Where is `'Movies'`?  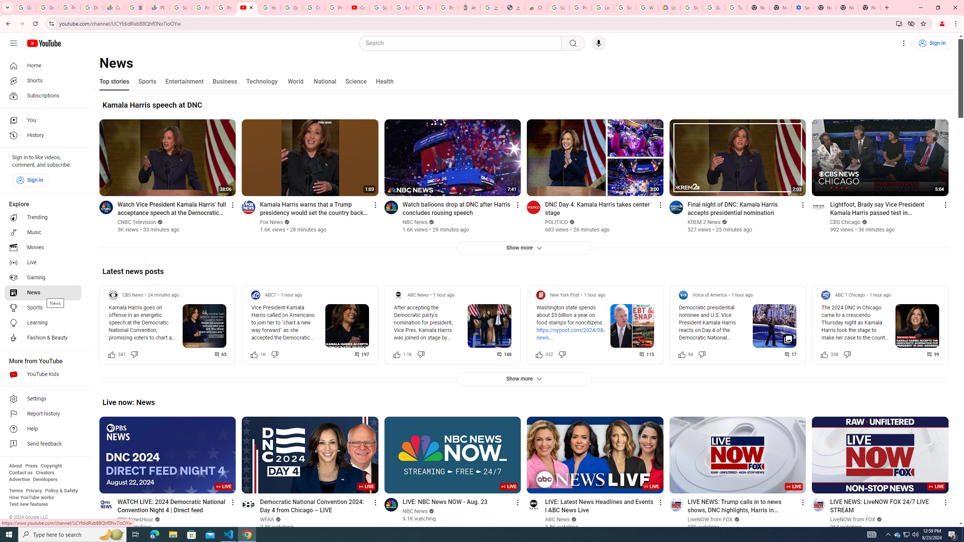
'Movies' is located at coordinates (43, 248).